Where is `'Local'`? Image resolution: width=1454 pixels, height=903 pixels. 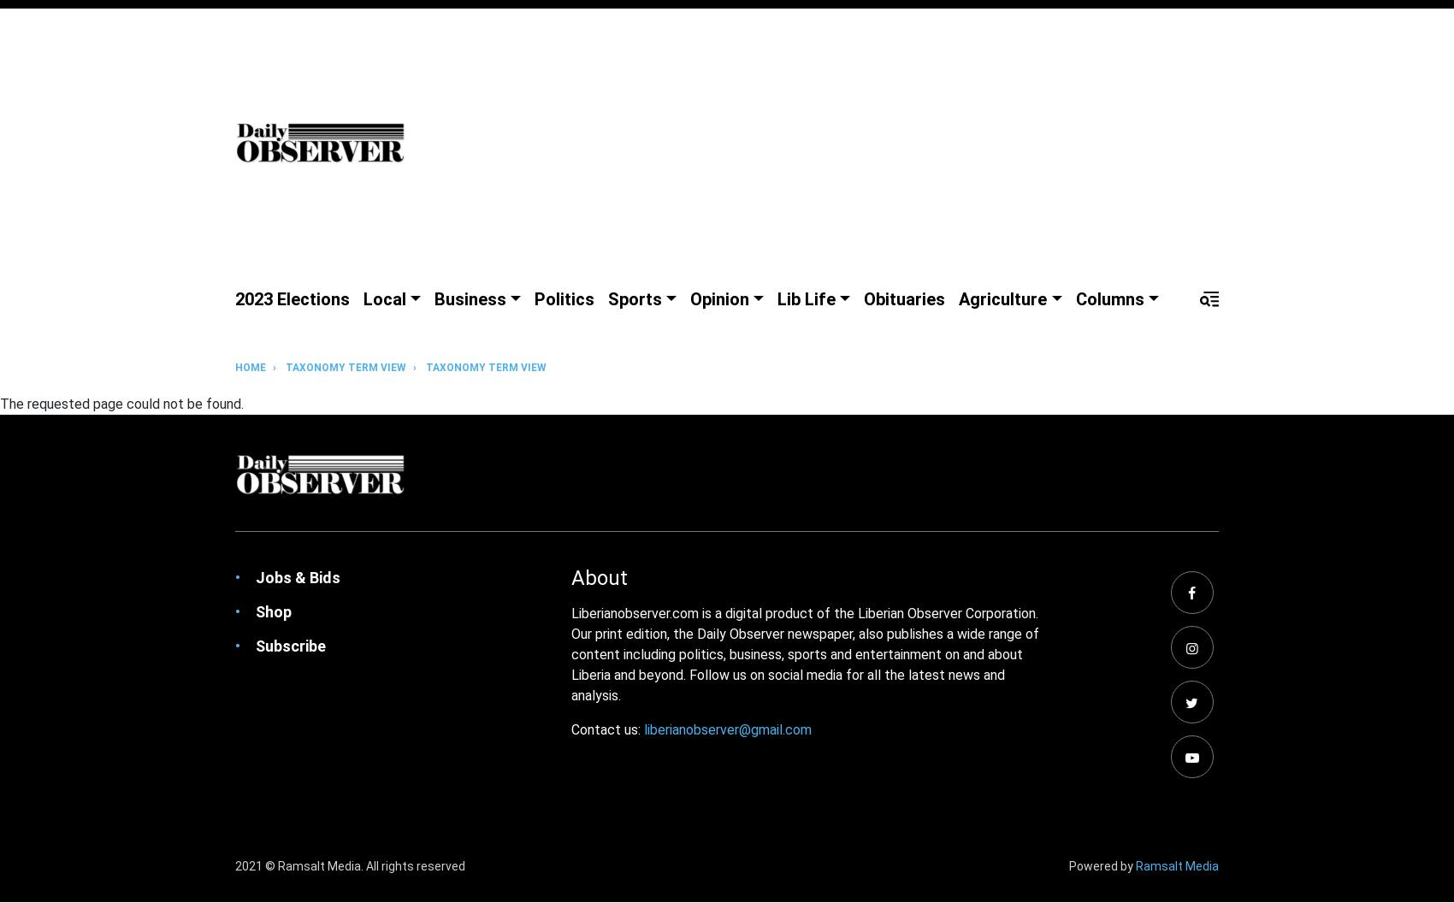
'Local' is located at coordinates (384, 298).